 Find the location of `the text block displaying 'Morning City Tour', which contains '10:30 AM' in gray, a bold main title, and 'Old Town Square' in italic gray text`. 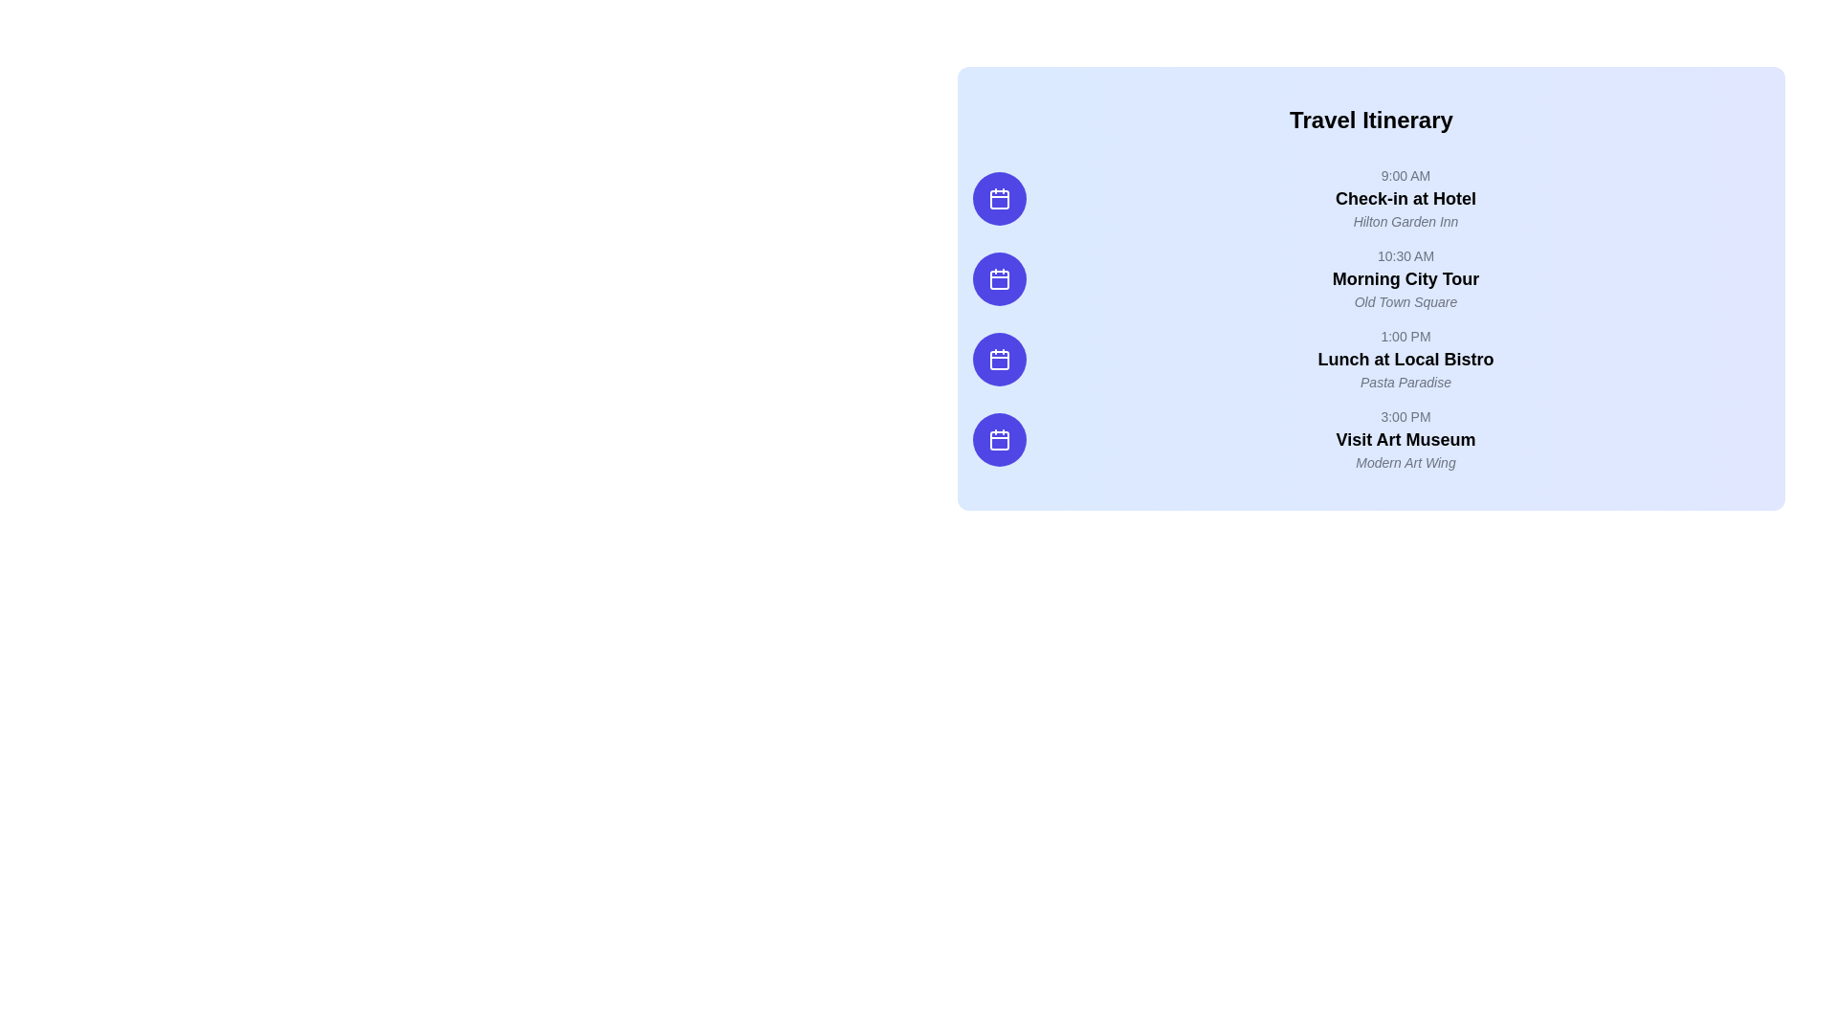

the text block displaying 'Morning City Tour', which contains '10:30 AM' in gray, a bold main title, and 'Old Town Square' in italic gray text is located at coordinates (1405, 279).